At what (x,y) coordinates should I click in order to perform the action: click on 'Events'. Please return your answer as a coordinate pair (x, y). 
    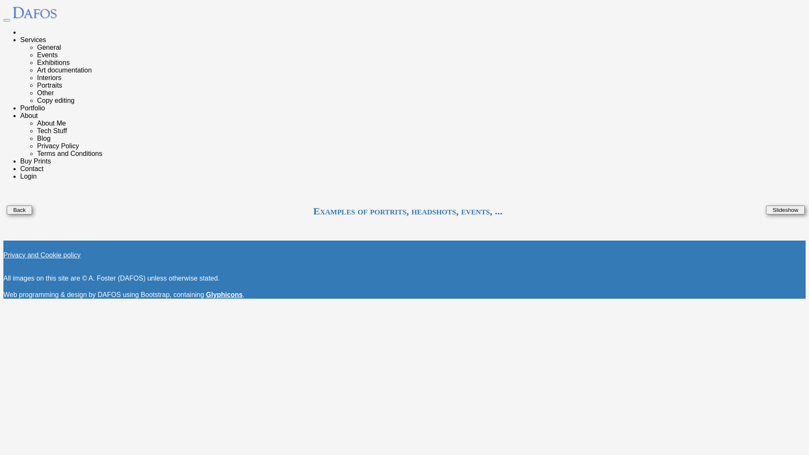
    Looking at the image, I should click on (47, 55).